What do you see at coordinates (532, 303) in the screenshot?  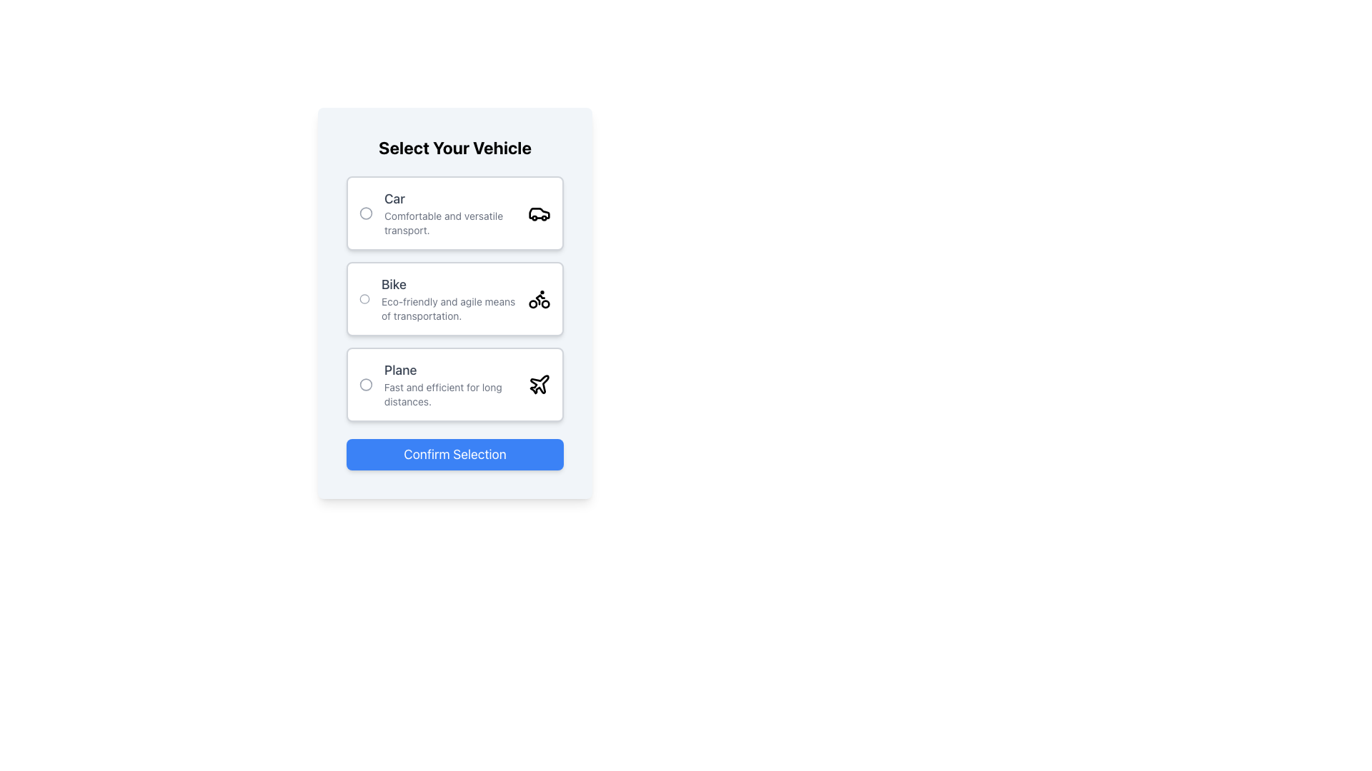 I see `the circular component (left wheel) of the bike icon in the second choice card adjacent to the 'Bike' label` at bounding box center [532, 303].